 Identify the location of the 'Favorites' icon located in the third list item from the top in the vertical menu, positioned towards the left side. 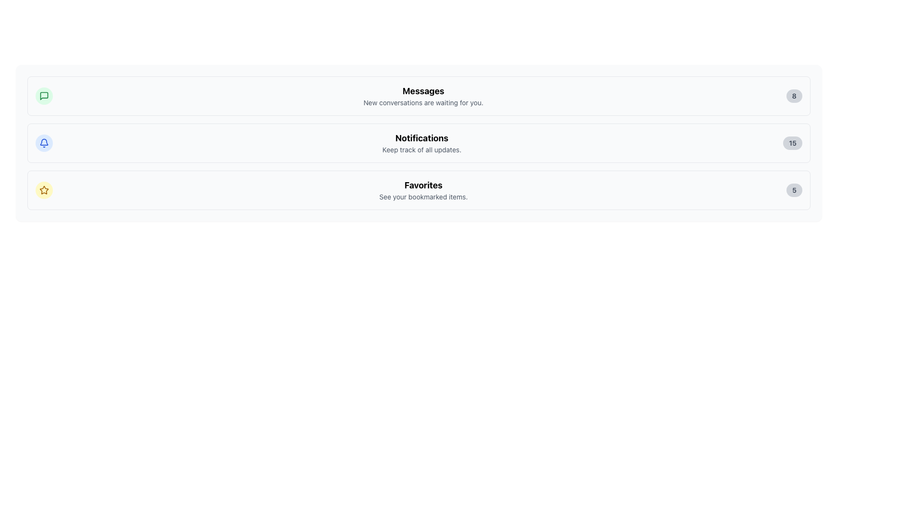
(43, 190).